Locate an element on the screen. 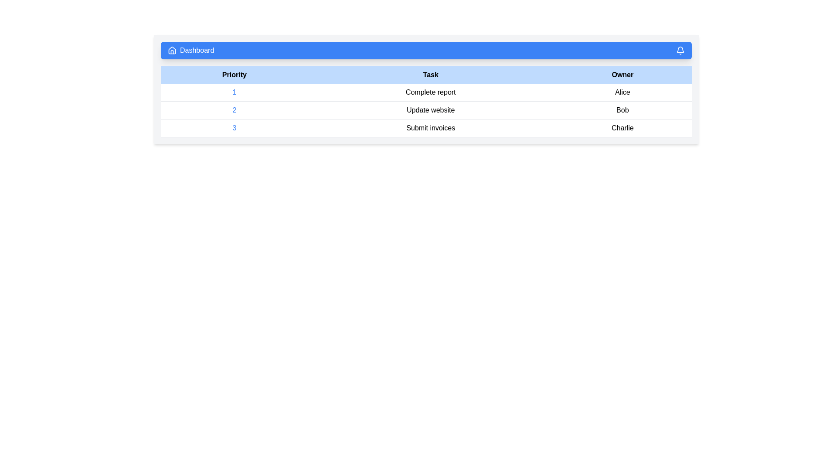 This screenshot has height=471, width=837. the text label displaying 'Update website' located in the second row of the table under the 'Task' column is located at coordinates (431, 110).